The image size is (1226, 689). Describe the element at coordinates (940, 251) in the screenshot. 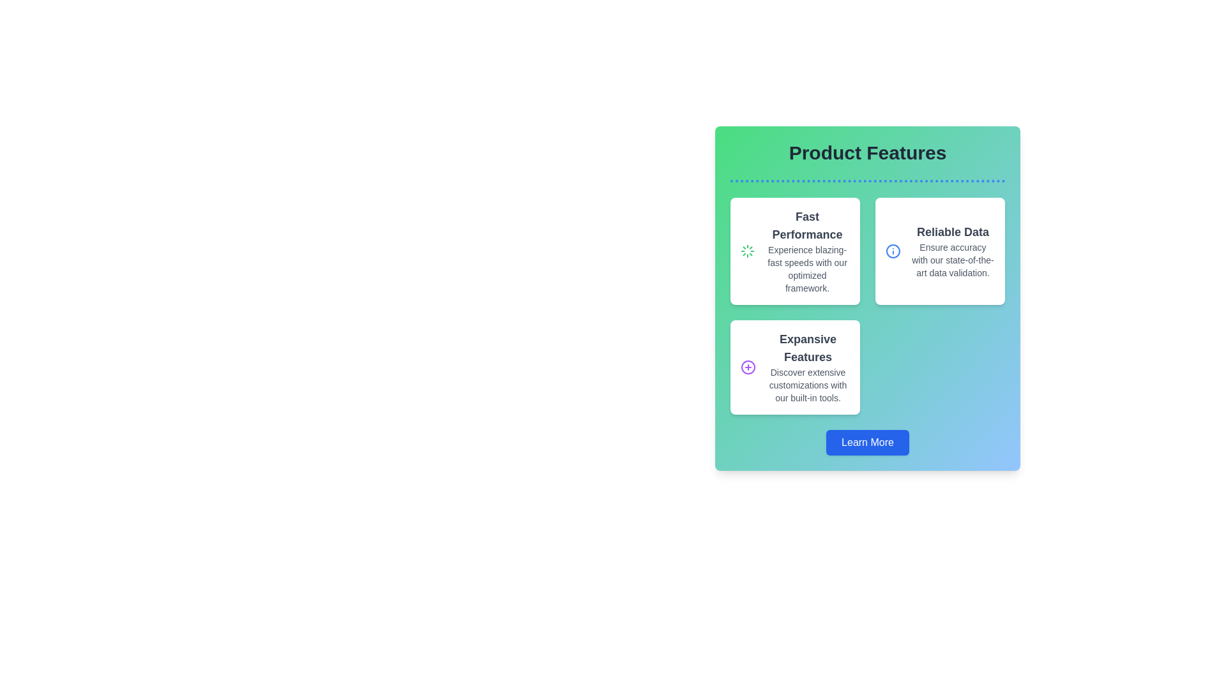

I see `the informational card located in the top-right of the grid layout, providing details about the reliability of data` at that location.